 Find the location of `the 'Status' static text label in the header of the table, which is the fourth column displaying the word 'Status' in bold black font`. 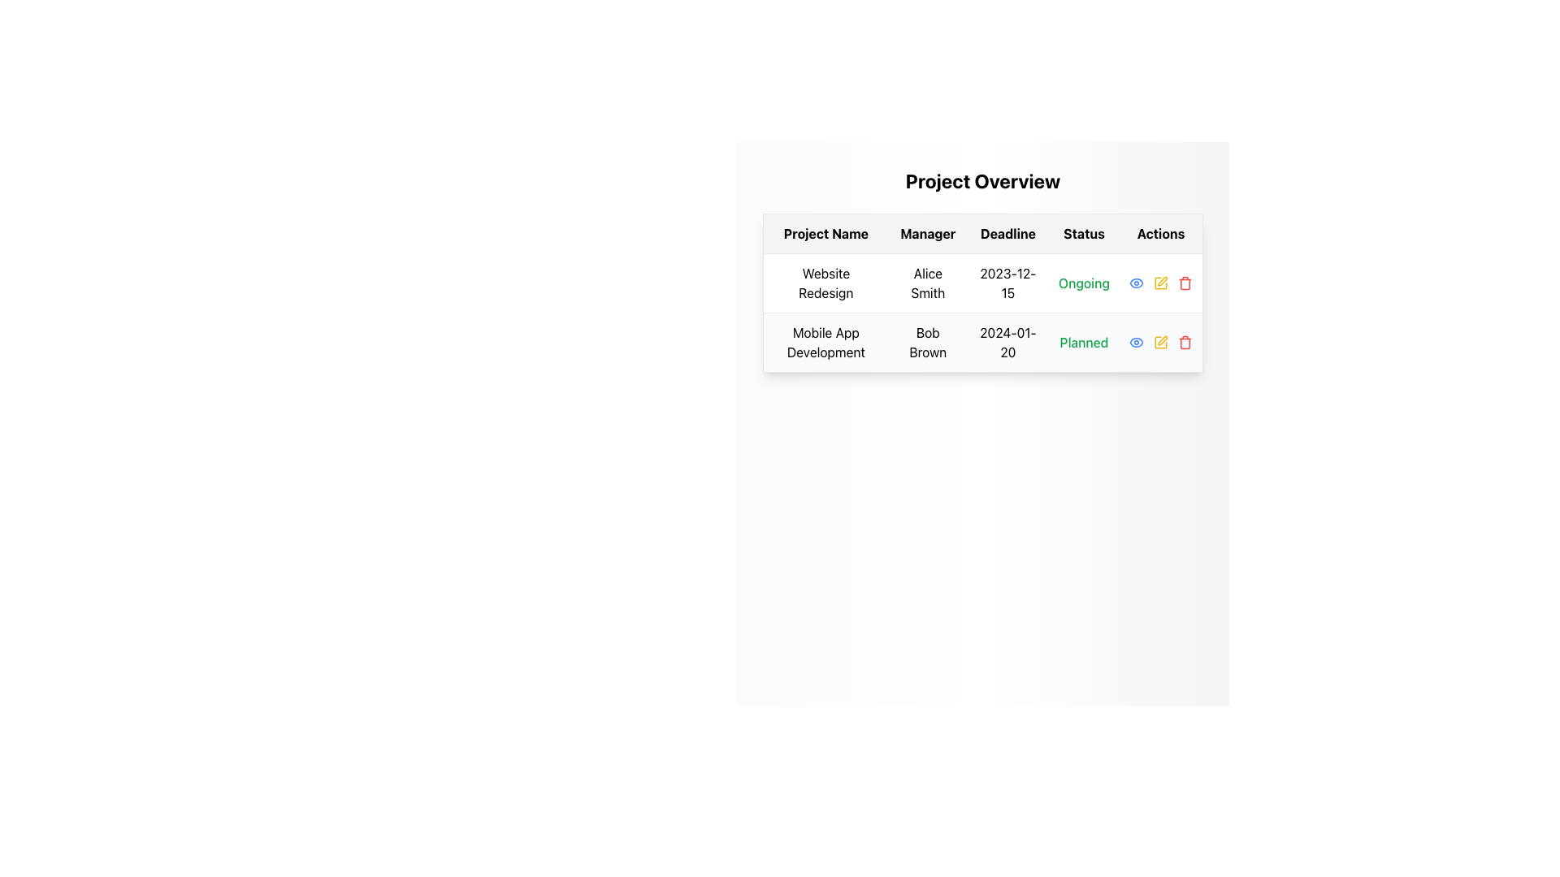

the 'Status' static text label in the header of the table, which is the fourth column displaying the word 'Status' in bold black font is located at coordinates (1084, 234).